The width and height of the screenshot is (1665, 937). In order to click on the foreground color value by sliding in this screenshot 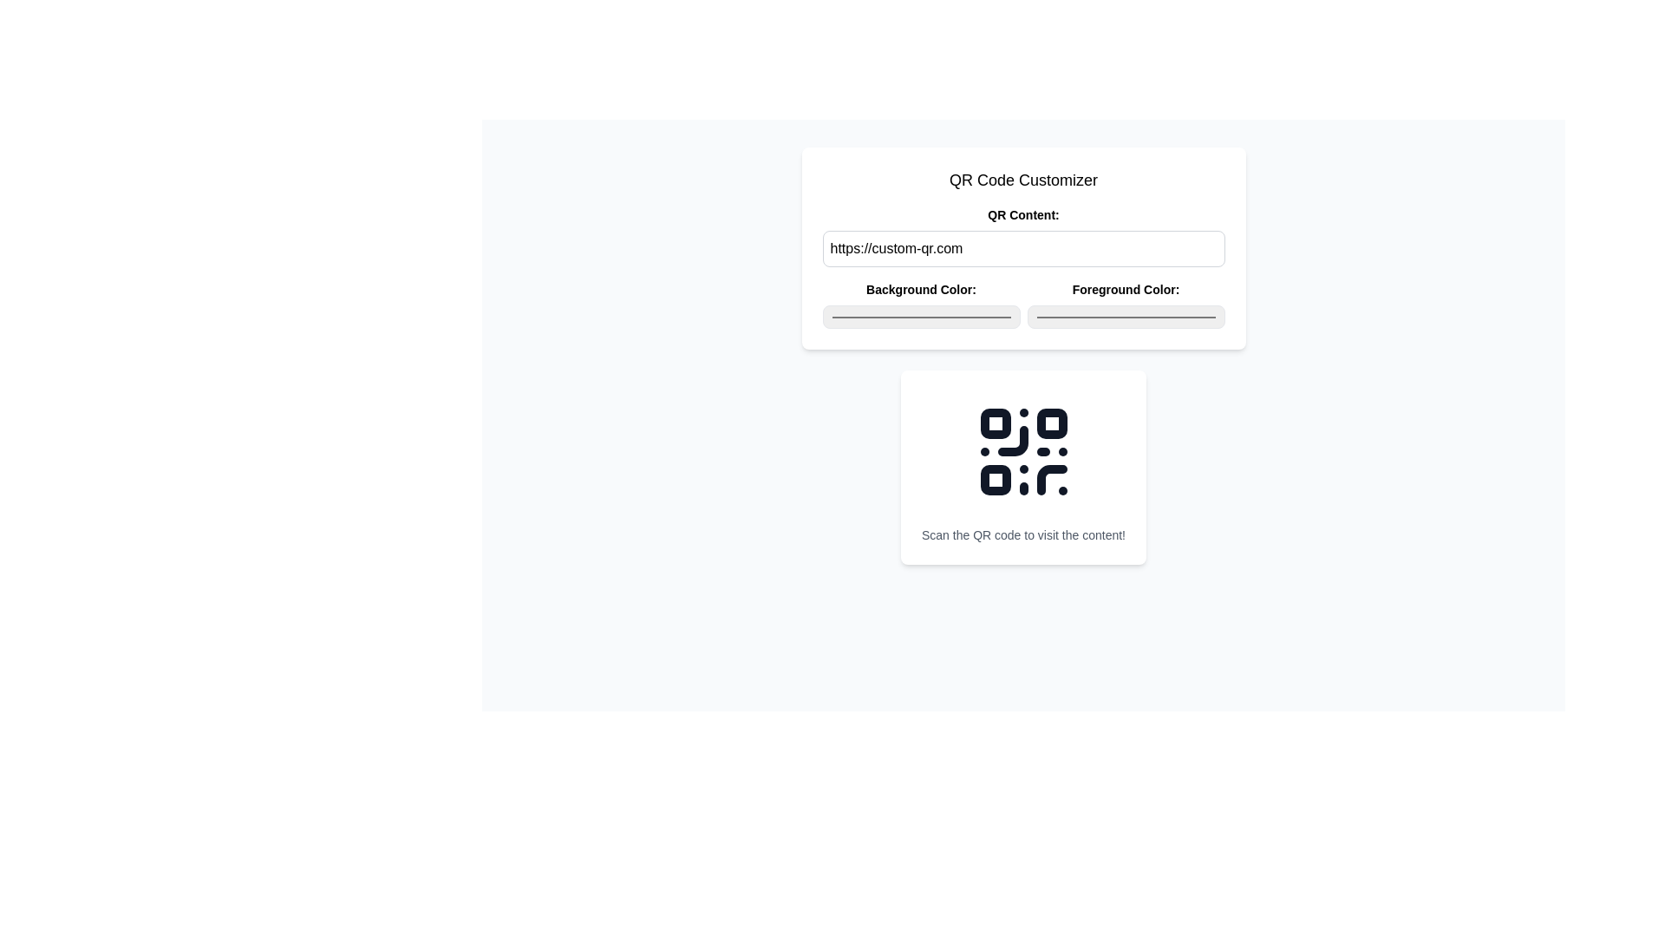, I will do `click(1094, 317)`.